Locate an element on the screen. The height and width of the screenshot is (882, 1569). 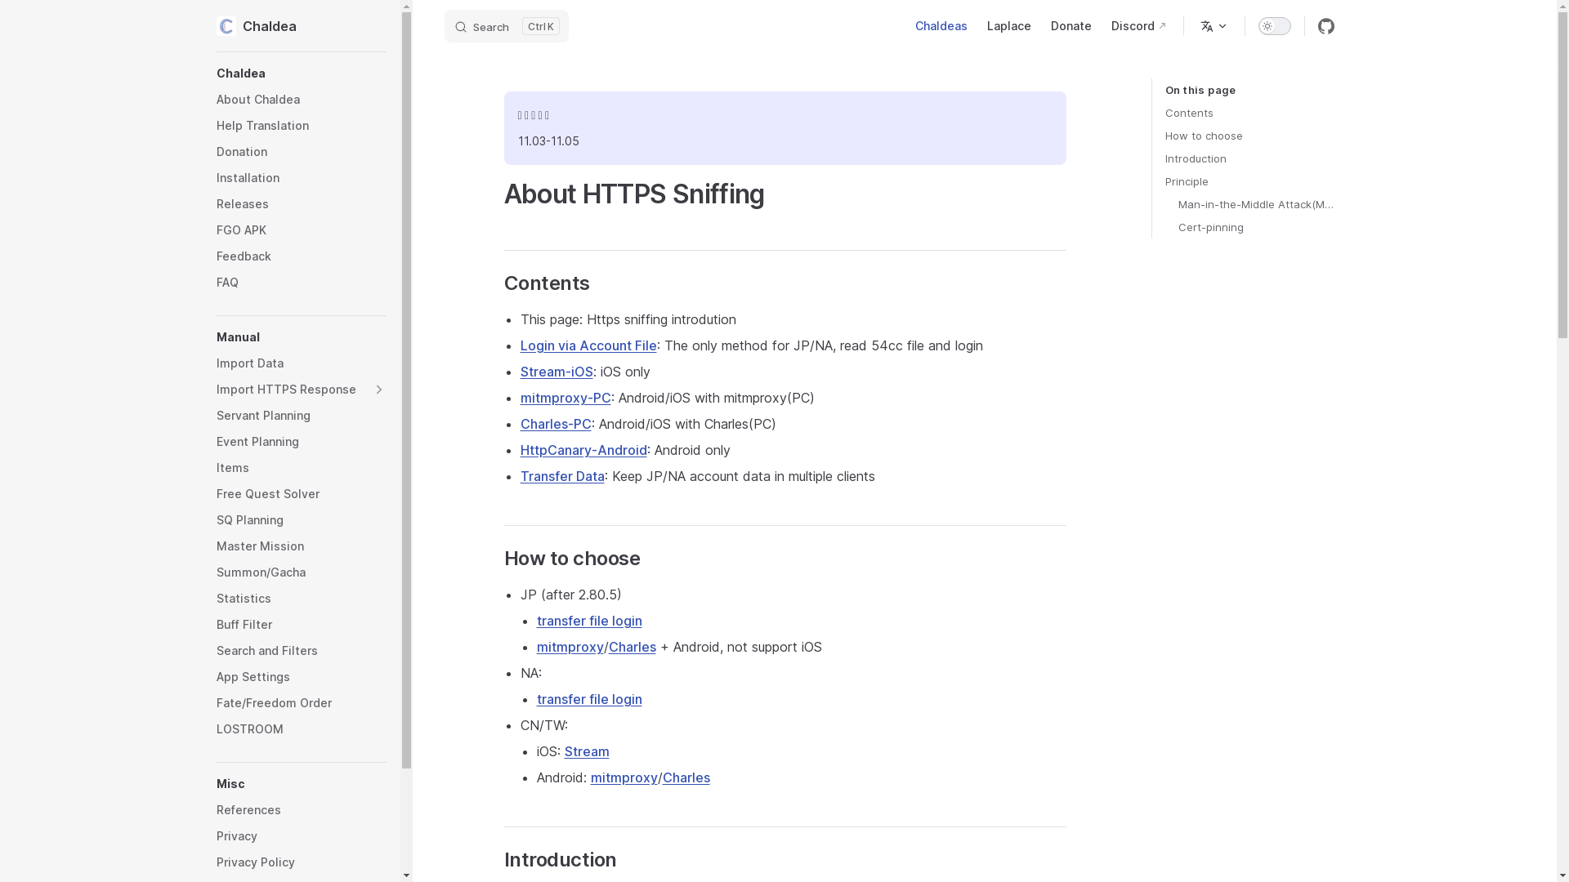
'Laplace' is located at coordinates (1008, 25).